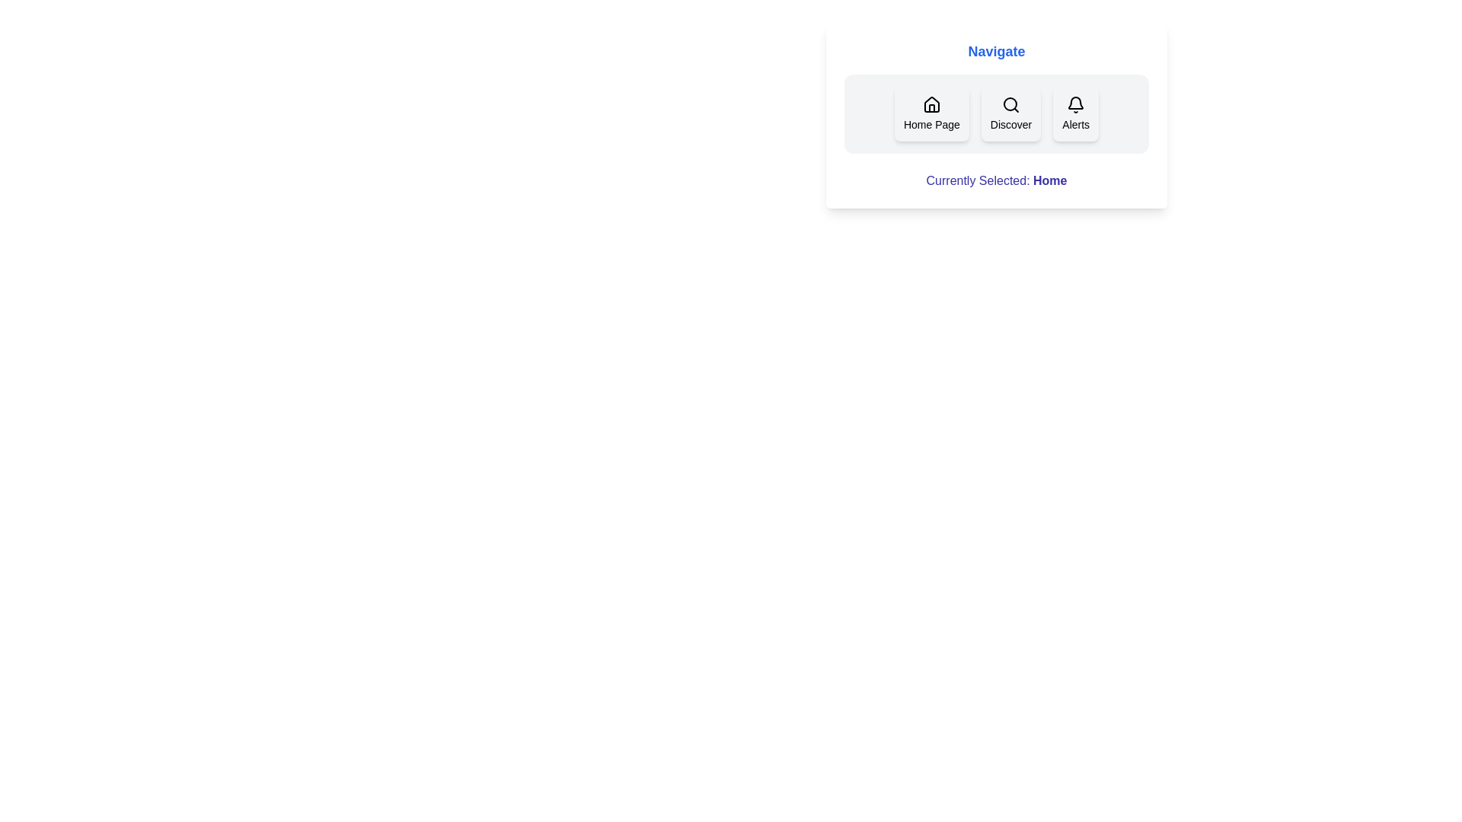 The height and width of the screenshot is (822, 1462). I want to click on text label 'Home Page' which is styled with a small font size and medium font weight, located centrally at the bottom of a button-like component in a horizontal menu row, so click(931, 124).